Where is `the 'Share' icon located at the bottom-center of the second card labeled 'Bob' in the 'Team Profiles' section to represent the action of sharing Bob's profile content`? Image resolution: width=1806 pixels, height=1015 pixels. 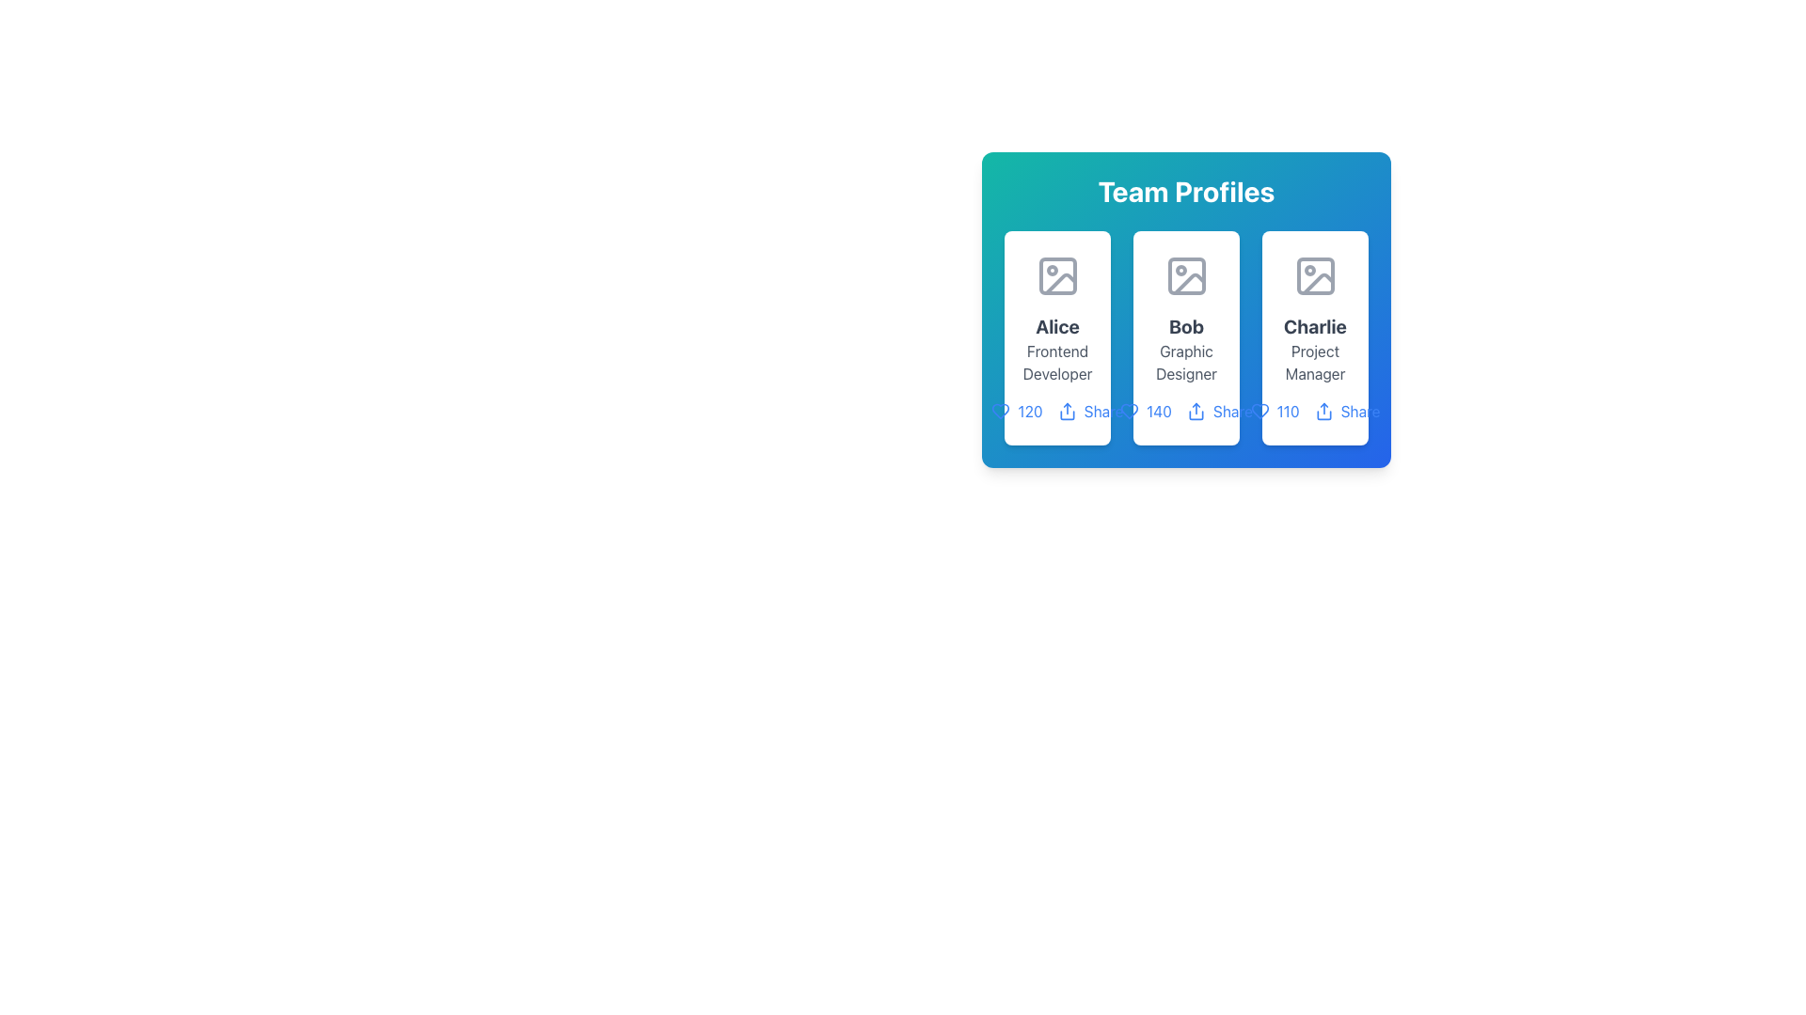
the 'Share' icon located at the bottom-center of the second card labeled 'Bob' in the 'Team Profiles' section to represent the action of sharing Bob's profile content is located at coordinates (1196, 411).